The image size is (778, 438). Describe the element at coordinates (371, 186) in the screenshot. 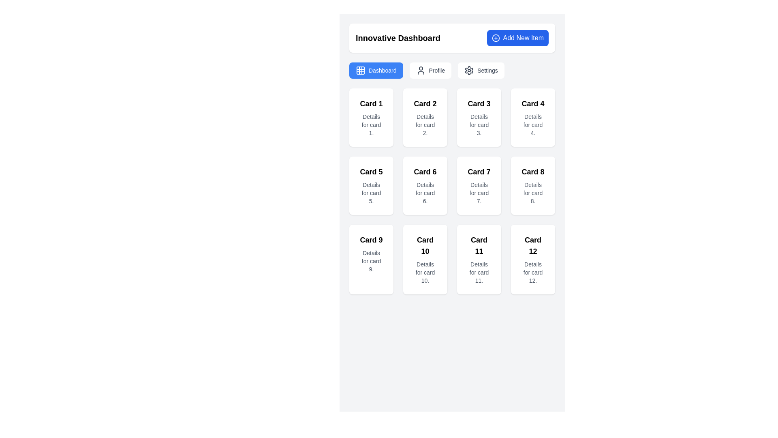

I see `the static informational card located in the second row and first column of the grid layout` at that location.